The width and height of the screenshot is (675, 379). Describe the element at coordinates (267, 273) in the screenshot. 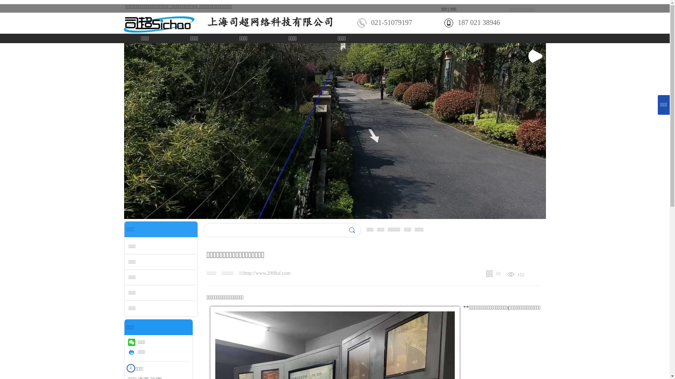

I see `'http://www.2008af.com'` at that location.